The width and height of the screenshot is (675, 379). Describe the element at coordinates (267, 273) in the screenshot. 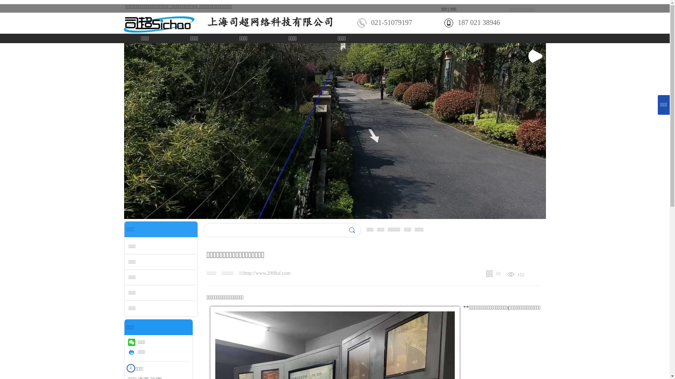

I see `'http://www.2008af.com'` at that location.